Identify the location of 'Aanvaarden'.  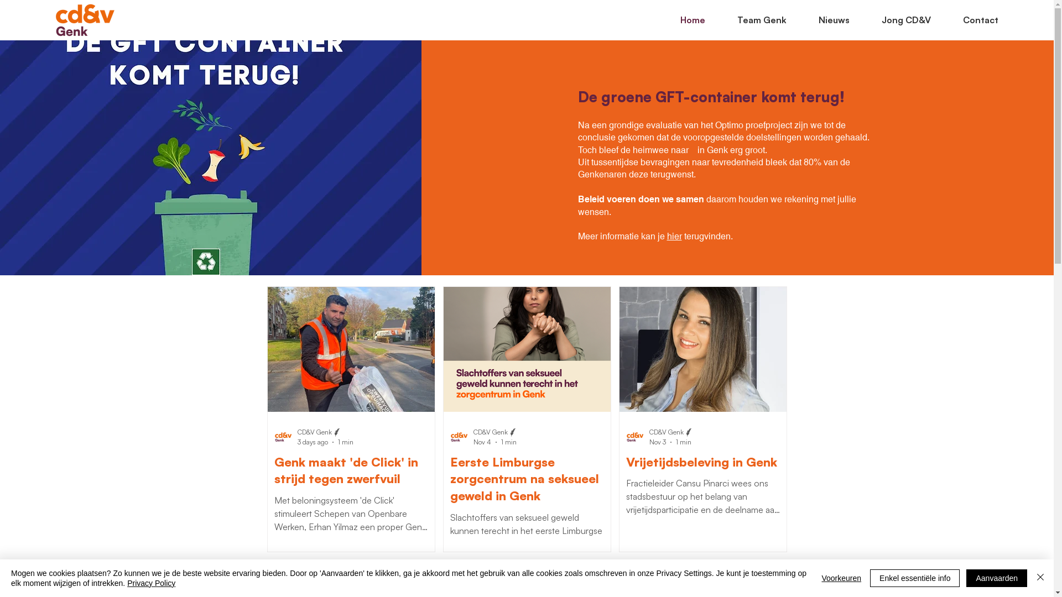
(996, 577).